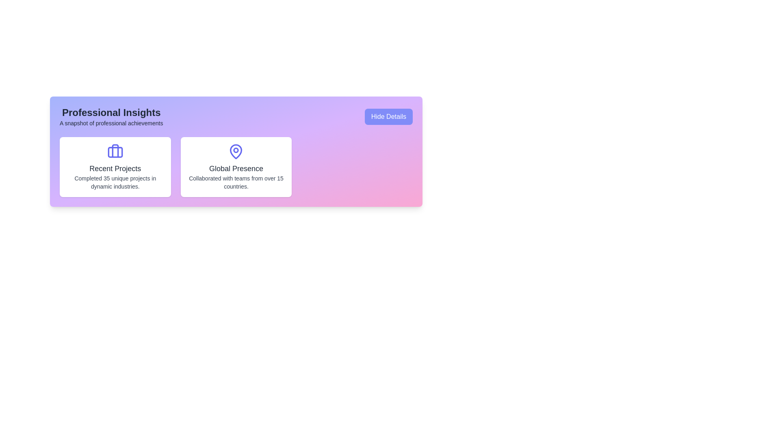 The height and width of the screenshot is (438, 780). What do you see at coordinates (236, 168) in the screenshot?
I see `the 'Global Presence' text label, which serves as a title within a white card on the right side of the interface` at bounding box center [236, 168].